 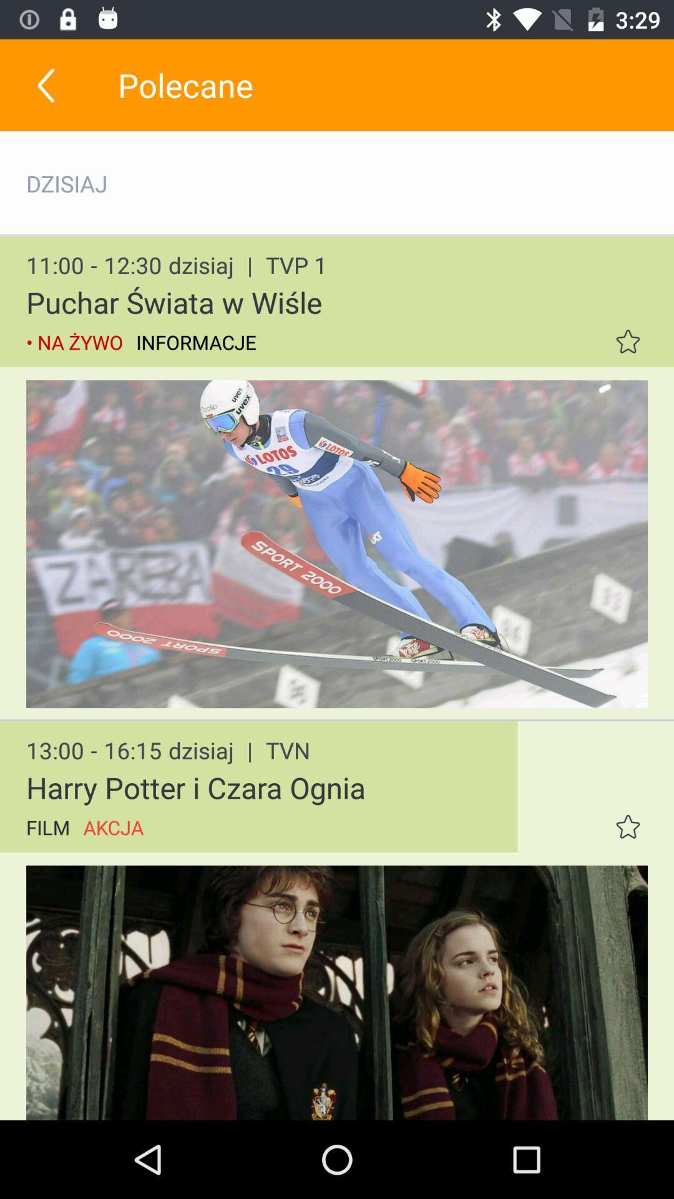 I want to click on icon above the dzisiaj item, so click(x=45, y=84).